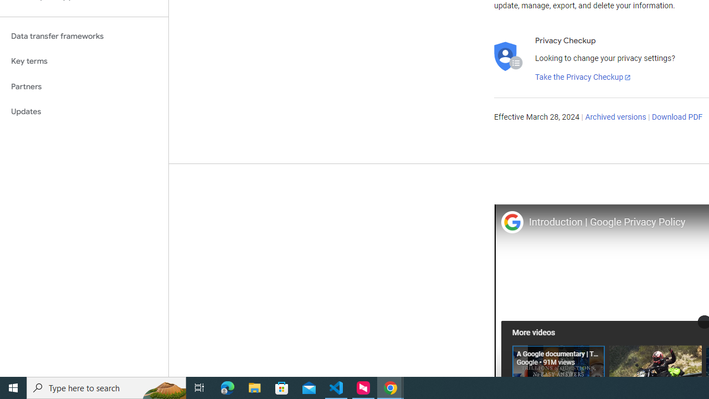  What do you see at coordinates (583, 77) in the screenshot?
I see `'Take the Privacy Checkup'` at bounding box center [583, 77].